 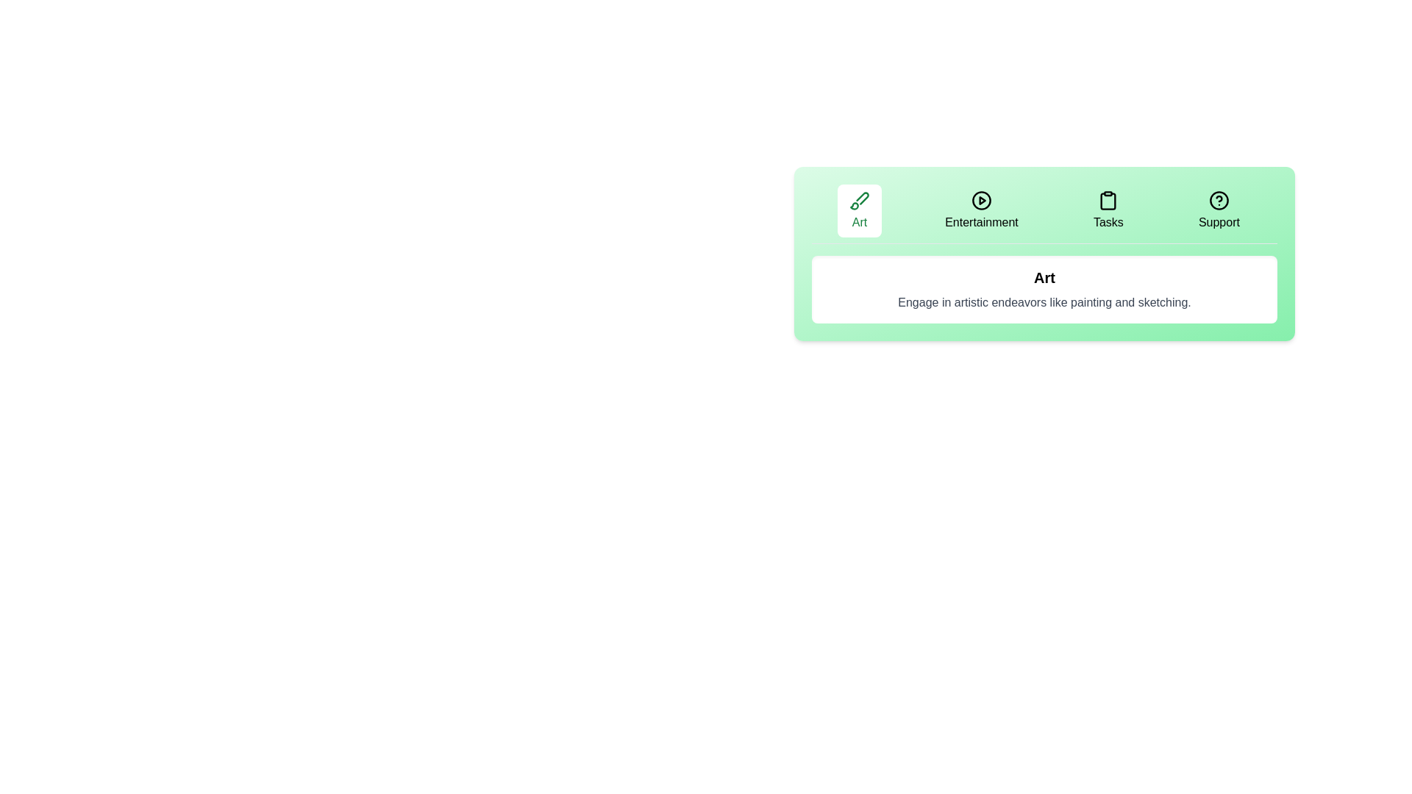 I want to click on the brush icon located above the 'Art' text within the button in the top-left corner of the grid, so click(x=860, y=201).